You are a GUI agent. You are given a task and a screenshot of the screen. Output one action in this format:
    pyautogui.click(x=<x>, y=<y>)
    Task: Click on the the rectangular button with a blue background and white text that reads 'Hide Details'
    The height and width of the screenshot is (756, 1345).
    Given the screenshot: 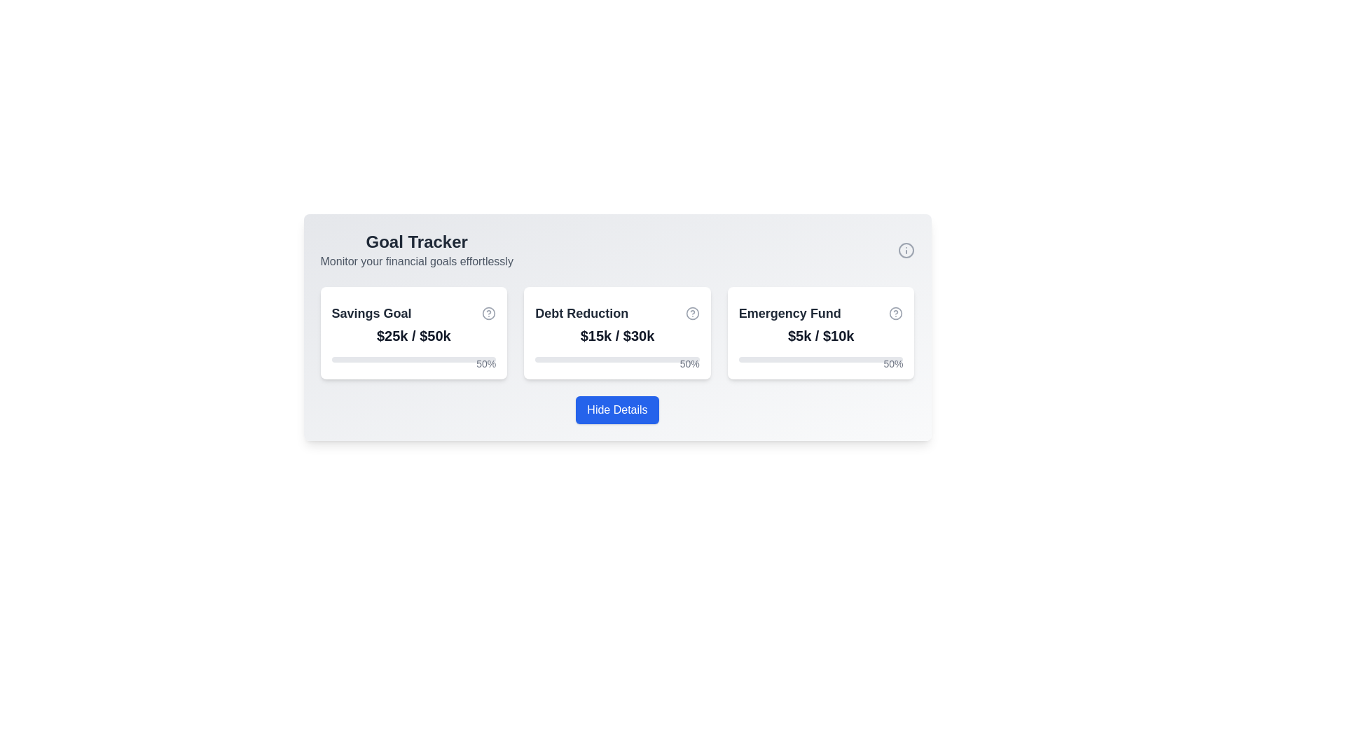 What is the action you would take?
    pyautogui.click(x=616, y=409)
    